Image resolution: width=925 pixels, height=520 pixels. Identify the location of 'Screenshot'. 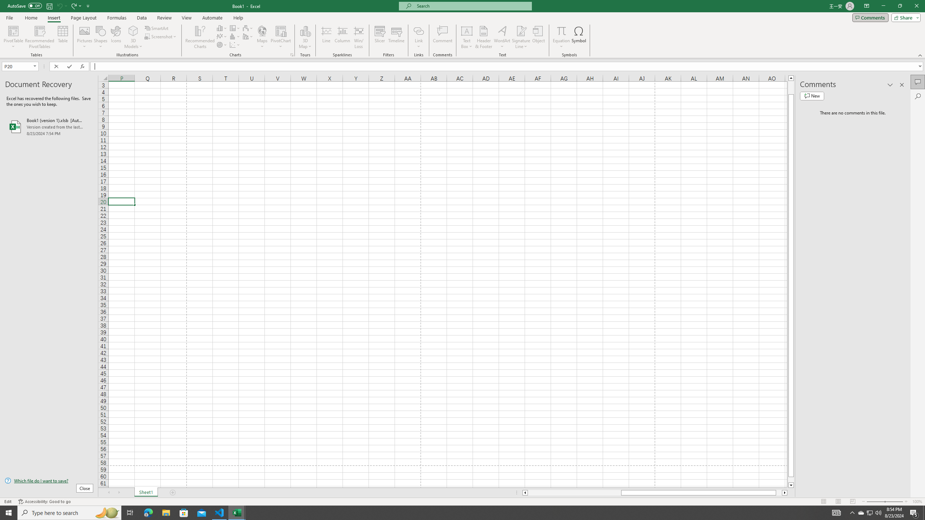
(160, 36).